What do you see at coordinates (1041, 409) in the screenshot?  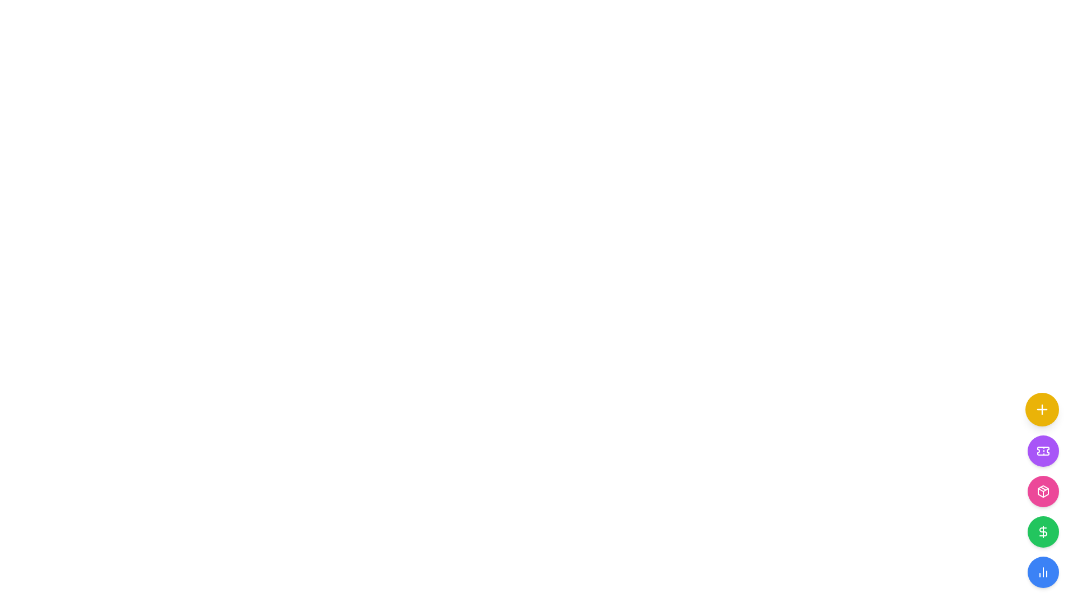 I see `the circular yellow button with a white plus icon located in the bottom-right corner of the interface` at bounding box center [1041, 409].